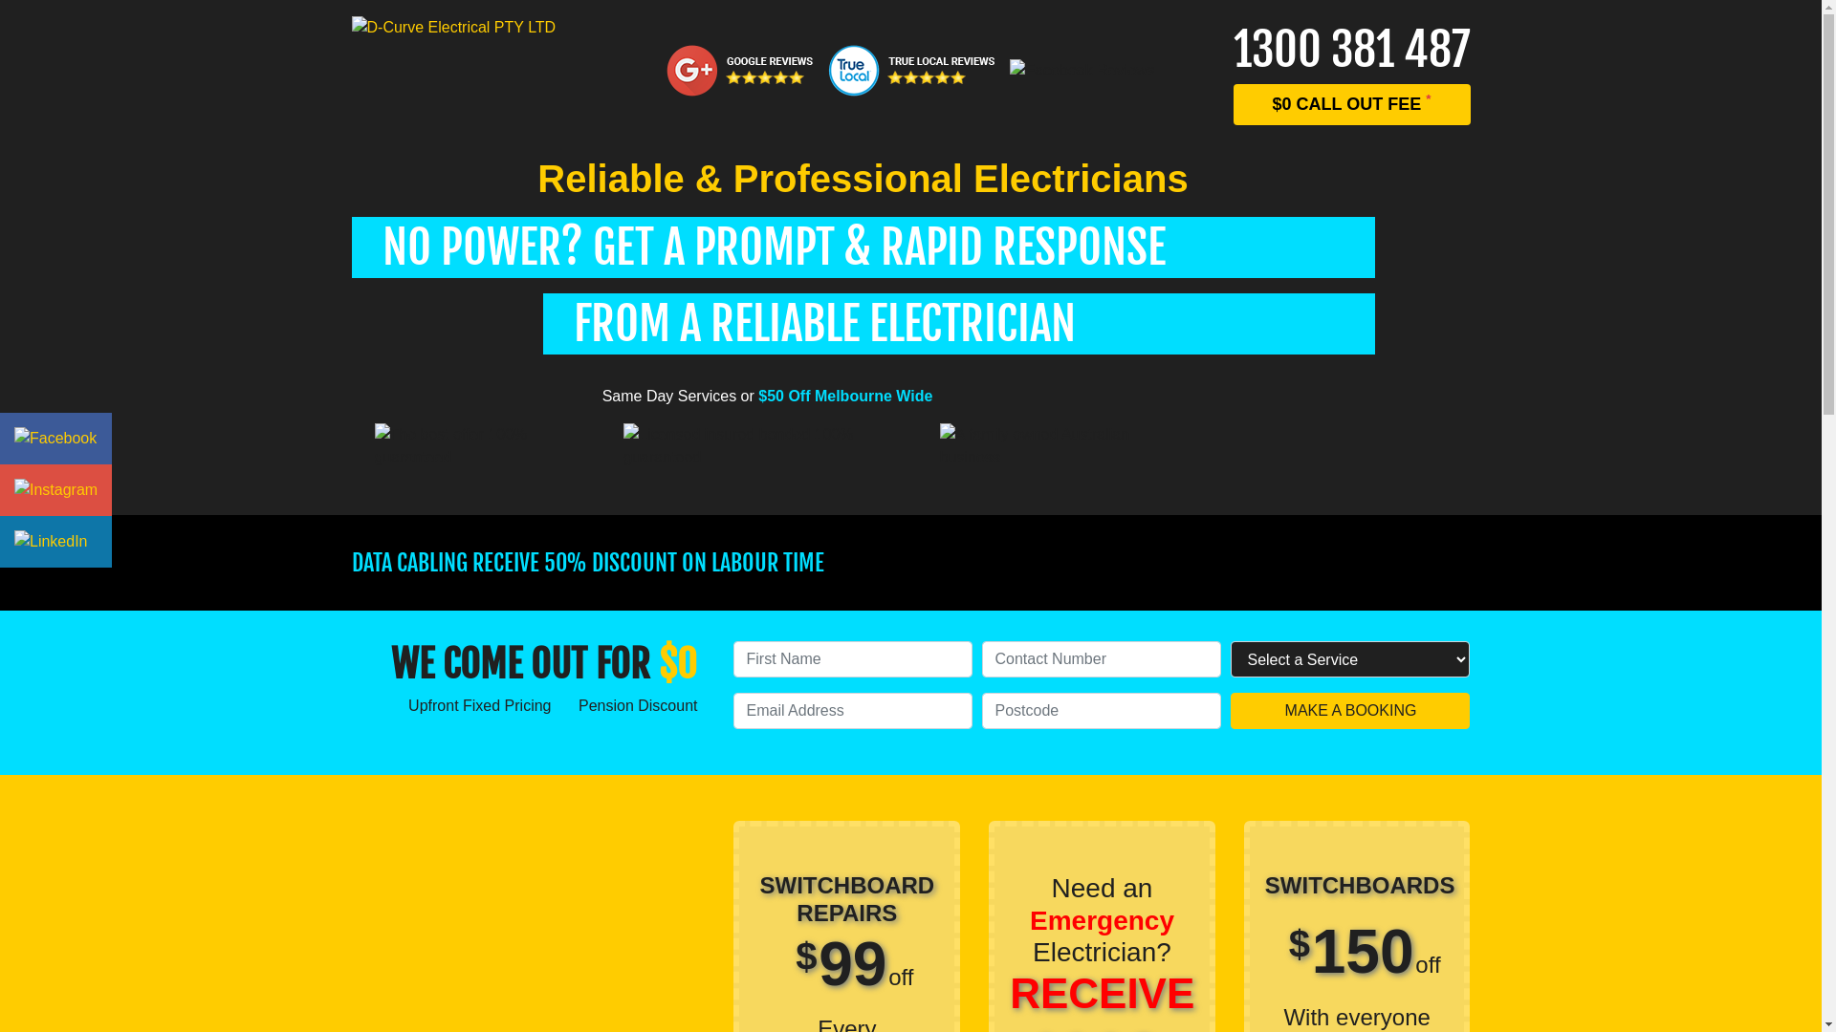 This screenshot has height=1032, width=1836. Describe the element at coordinates (1351, 69) in the screenshot. I see `'1300 381 487` at that location.